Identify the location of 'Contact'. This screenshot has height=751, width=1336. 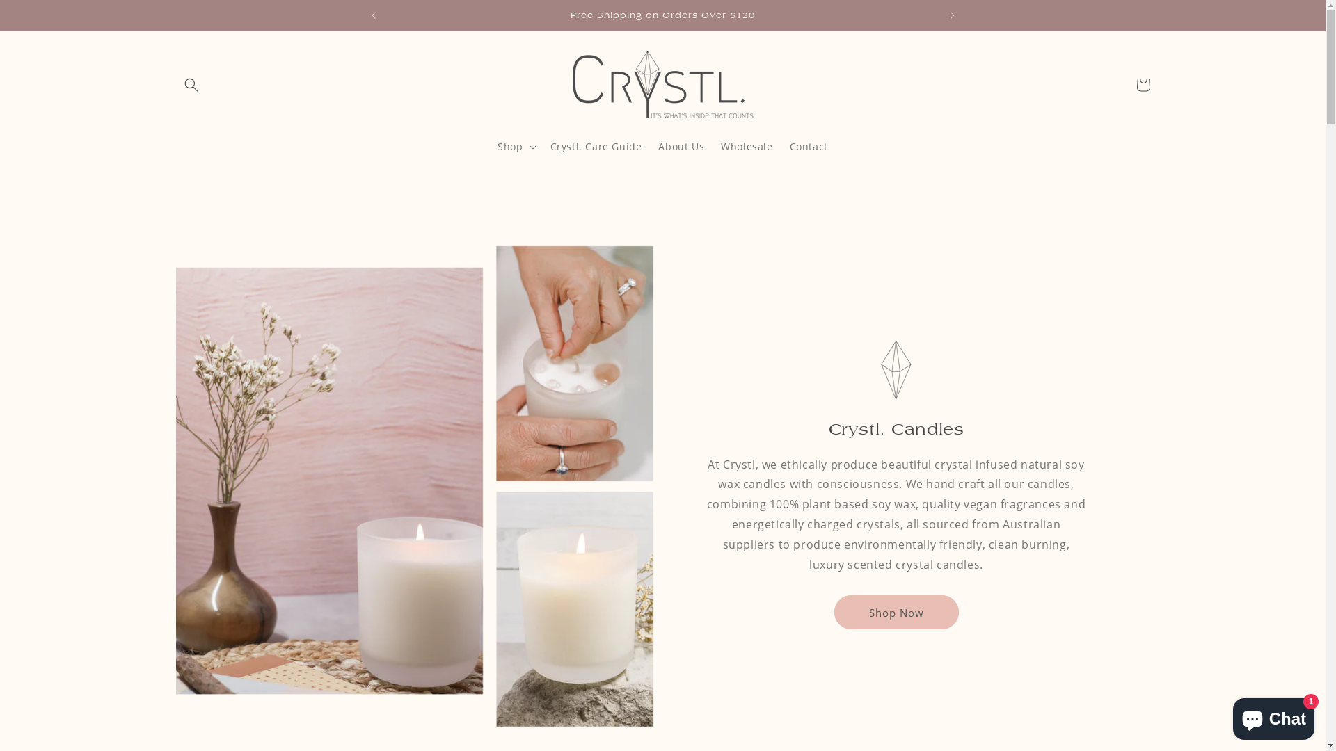
(809, 147).